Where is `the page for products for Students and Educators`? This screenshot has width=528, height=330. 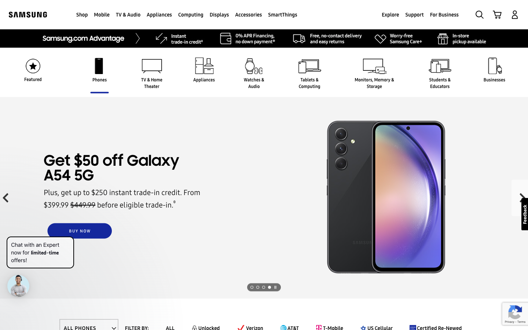 the page for products for Students and Educators is located at coordinates (440, 82).